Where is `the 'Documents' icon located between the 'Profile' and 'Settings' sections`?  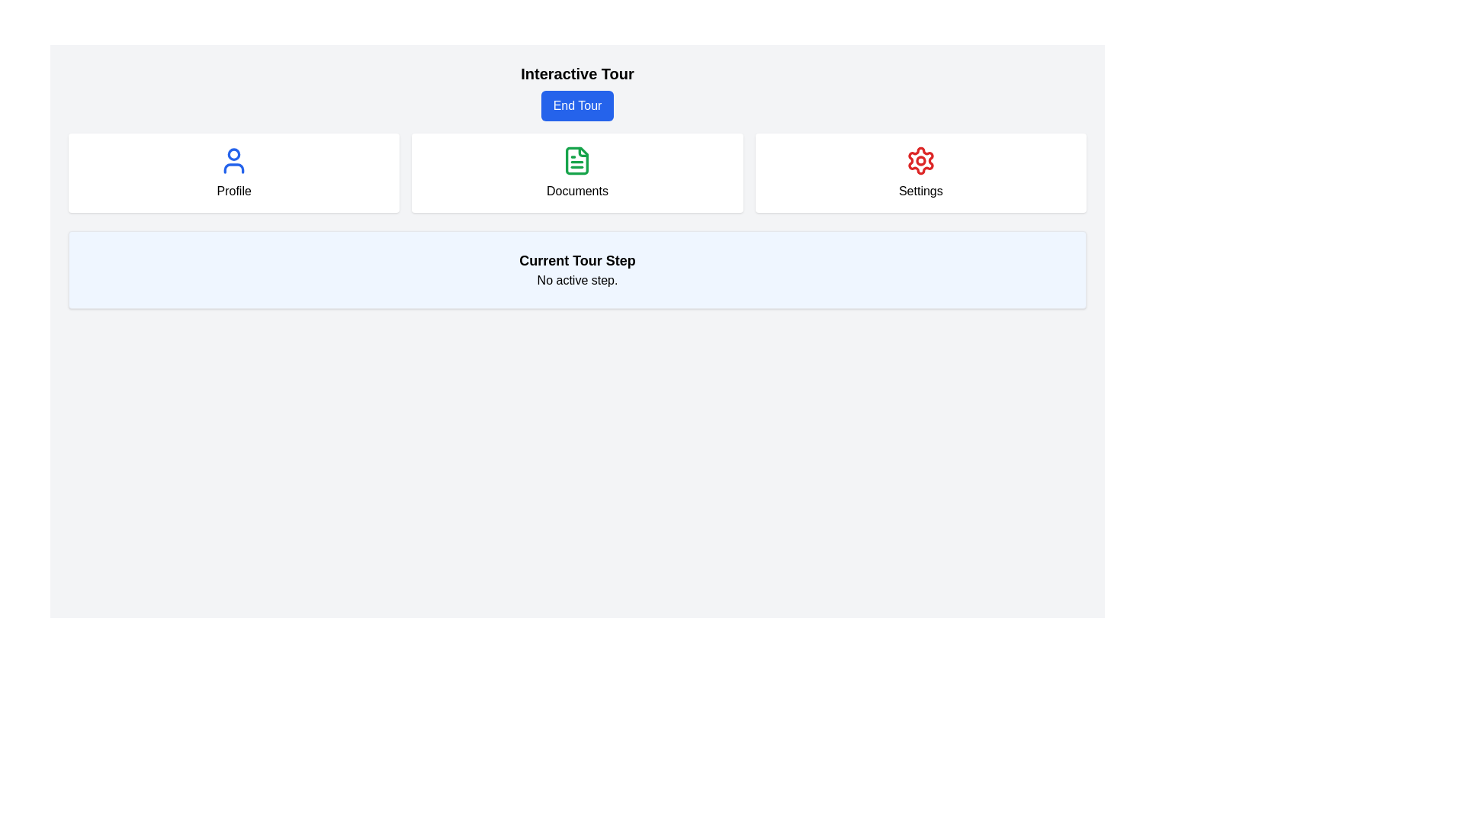 the 'Documents' icon located between the 'Profile' and 'Settings' sections is located at coordinates (576, 161).